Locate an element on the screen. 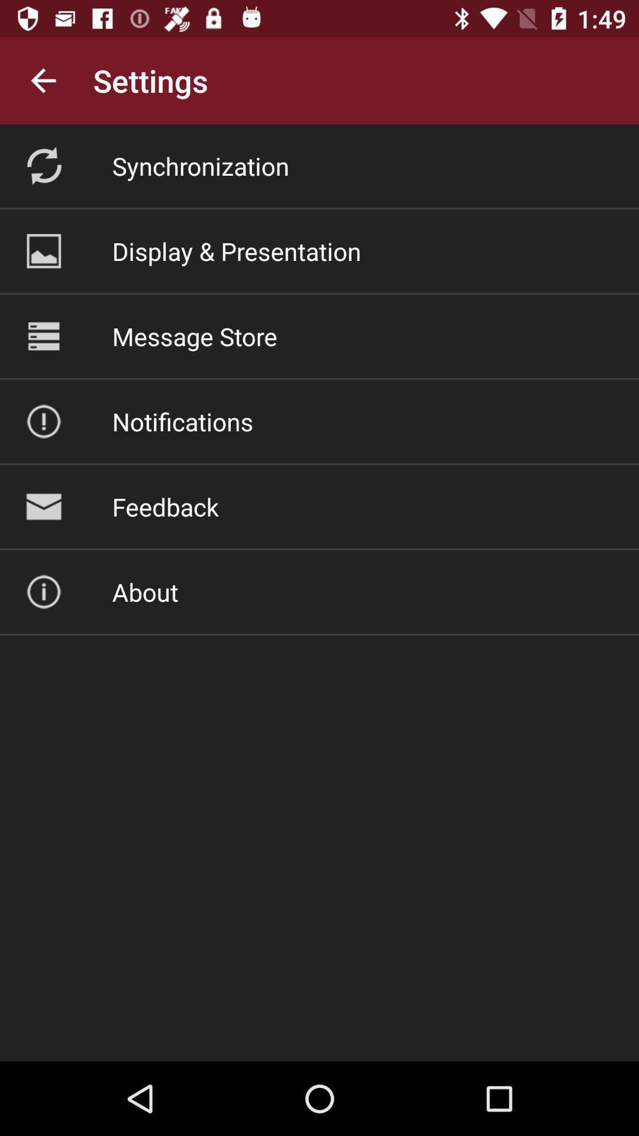 This screenshot has width=639, height=1136. message store icon is located at coordinates (194, 335).